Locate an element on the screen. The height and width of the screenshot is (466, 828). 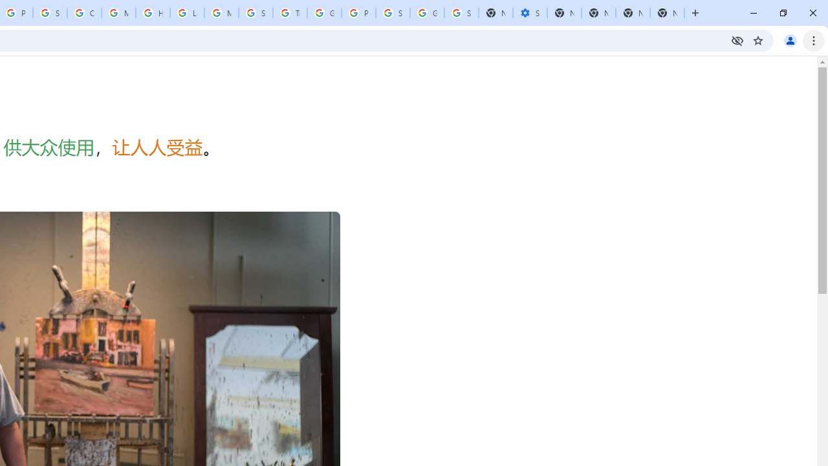
'Minimize' is located at coordinates (754, 13).